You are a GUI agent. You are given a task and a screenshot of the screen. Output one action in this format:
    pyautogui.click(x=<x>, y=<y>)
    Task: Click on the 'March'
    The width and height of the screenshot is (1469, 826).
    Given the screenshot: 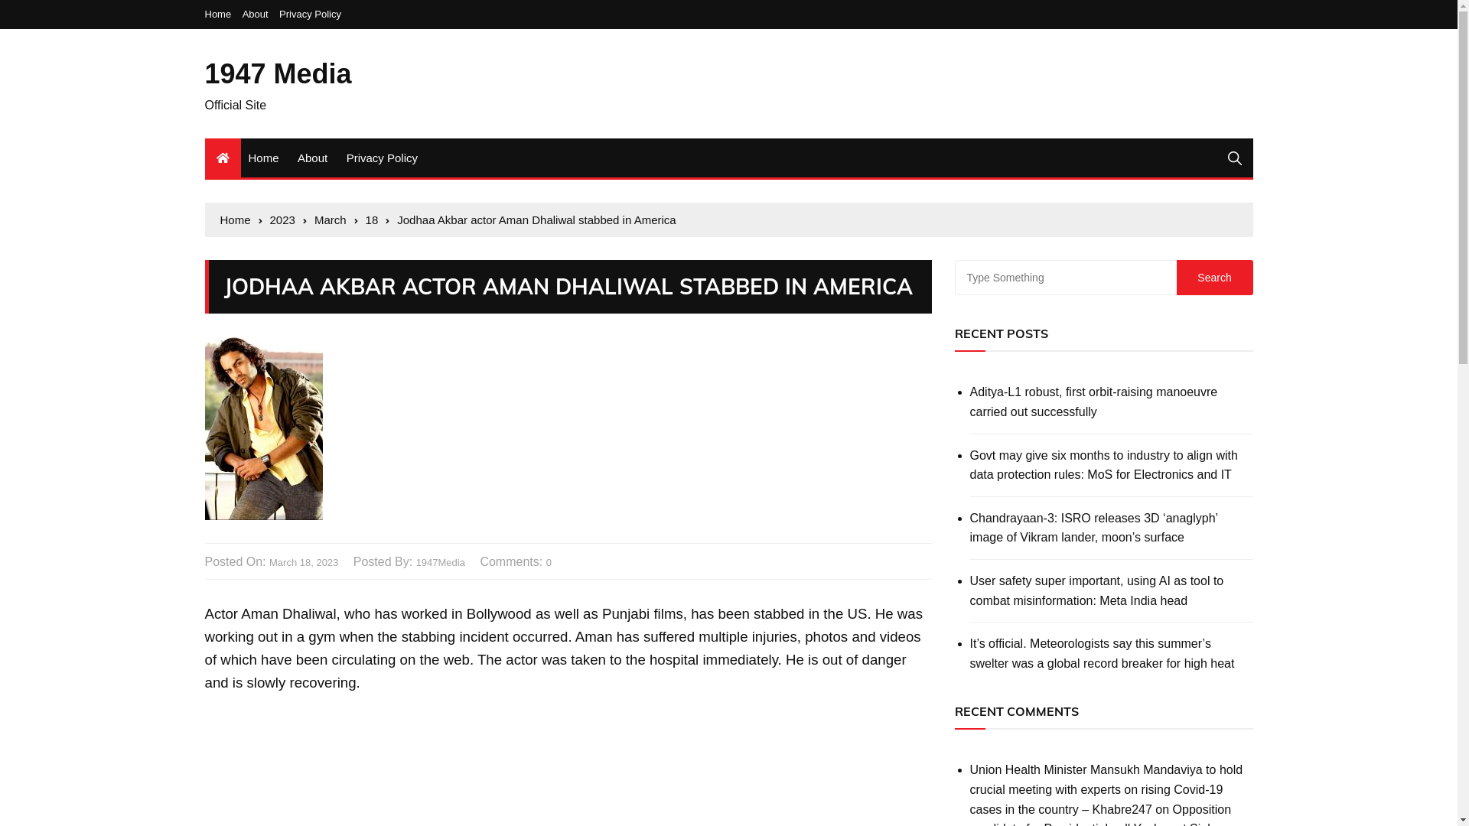 What is the action you would take?
    pyautogui.click(x=314, y=220)
    